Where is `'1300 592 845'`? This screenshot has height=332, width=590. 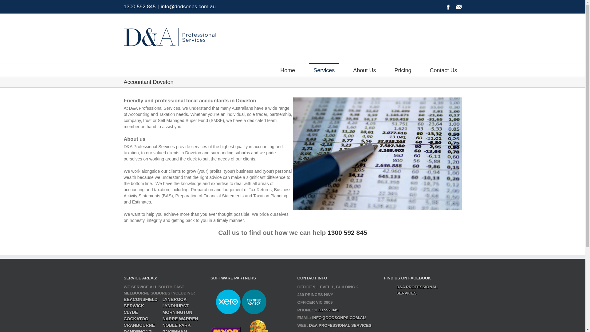
'1300 592 845' is located at coordinates (139, 6).